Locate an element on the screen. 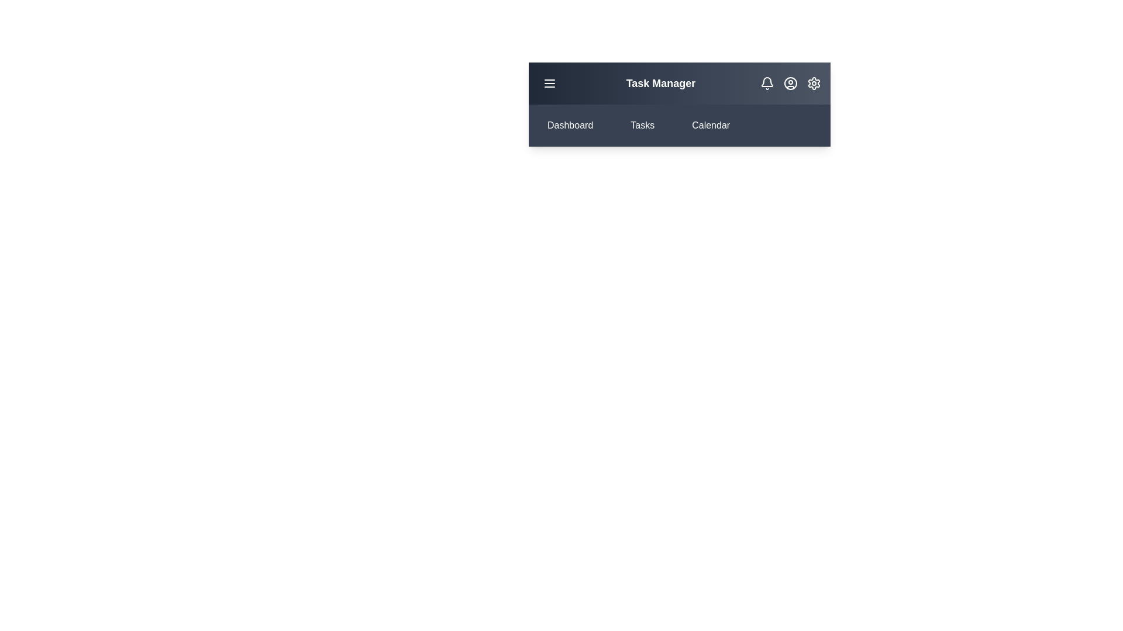  the 'Calendar' button in the navigation bar is located at coordinates (709, 126).